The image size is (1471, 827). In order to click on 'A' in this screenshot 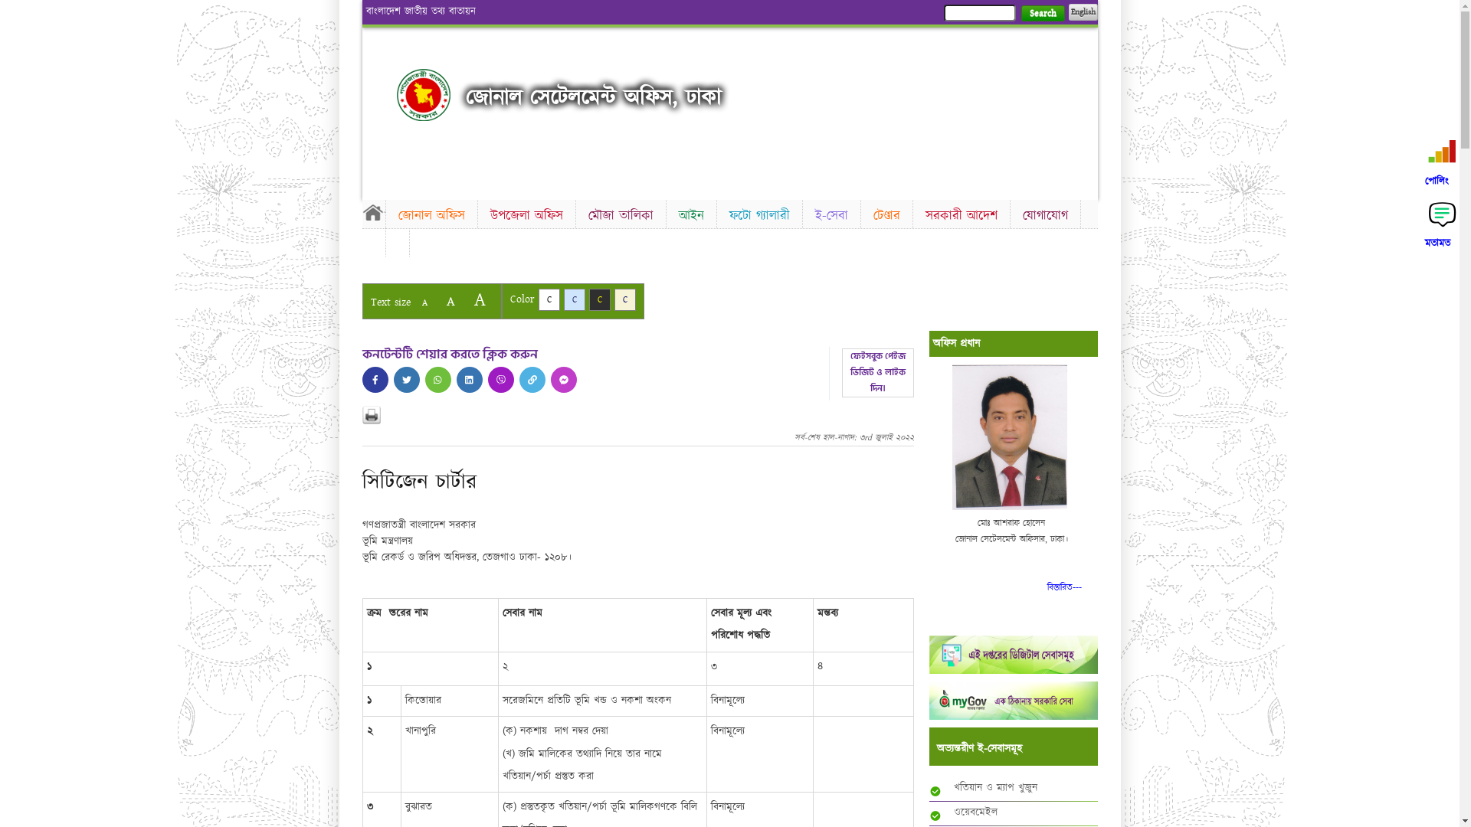, I will do `click(478, 299)`.